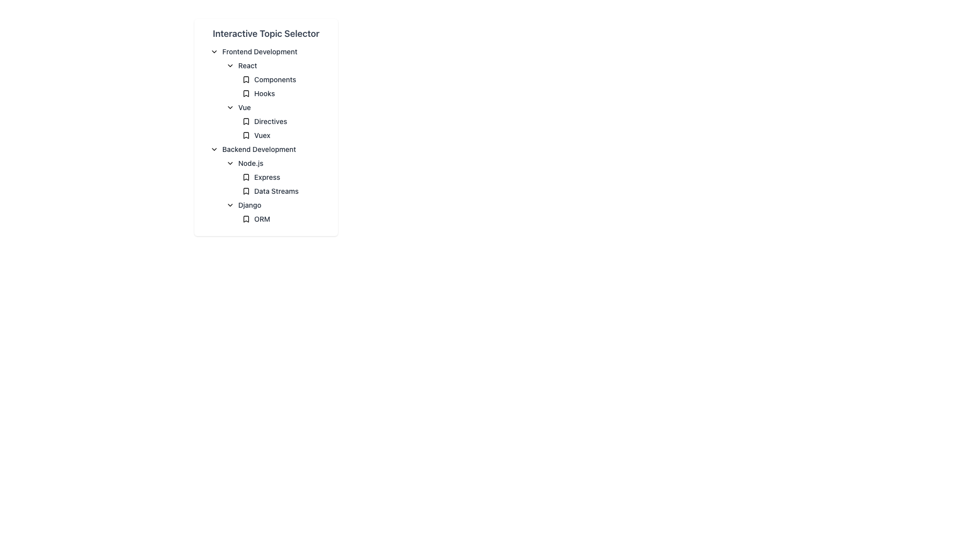  What do you see at coordinates (214, 149) in the screenshot?
I see `the downward-pointing chevron icon beside the text 'Backend Development'` at bounding box center [214, 149].